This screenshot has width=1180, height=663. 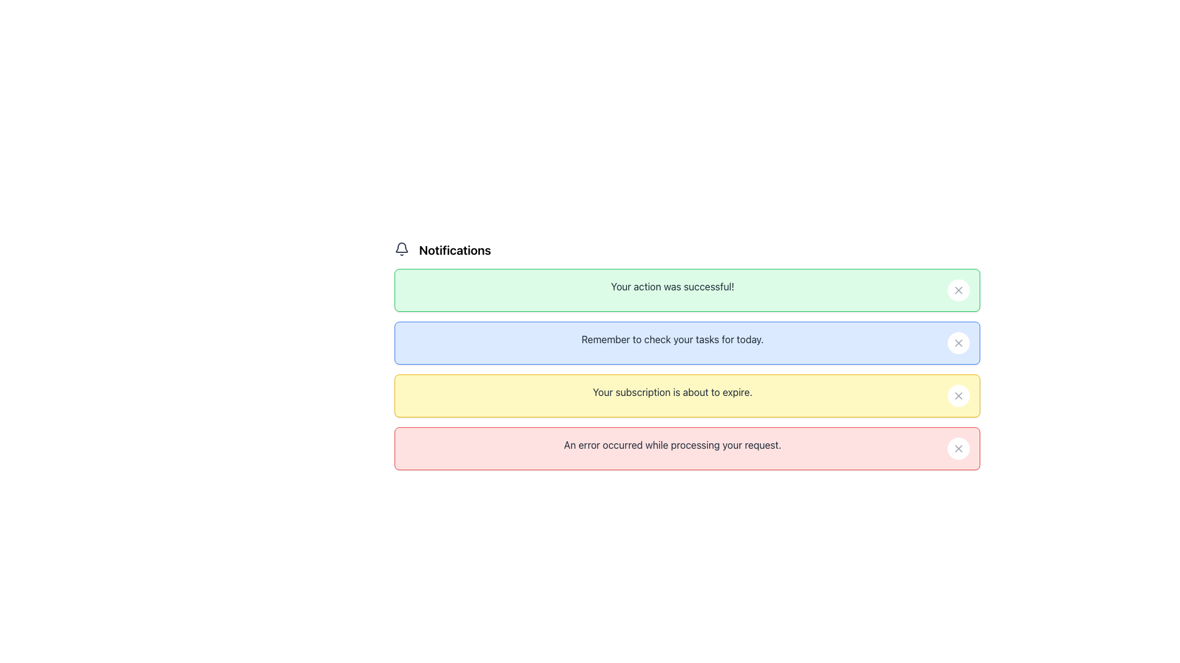 What do you see at coordinates (958, 290) in the screenshot?
I see `the circular close button with an 'x' icon on the right side of the green notification bar that indicates a successful action` at bounding box center [958, 290].